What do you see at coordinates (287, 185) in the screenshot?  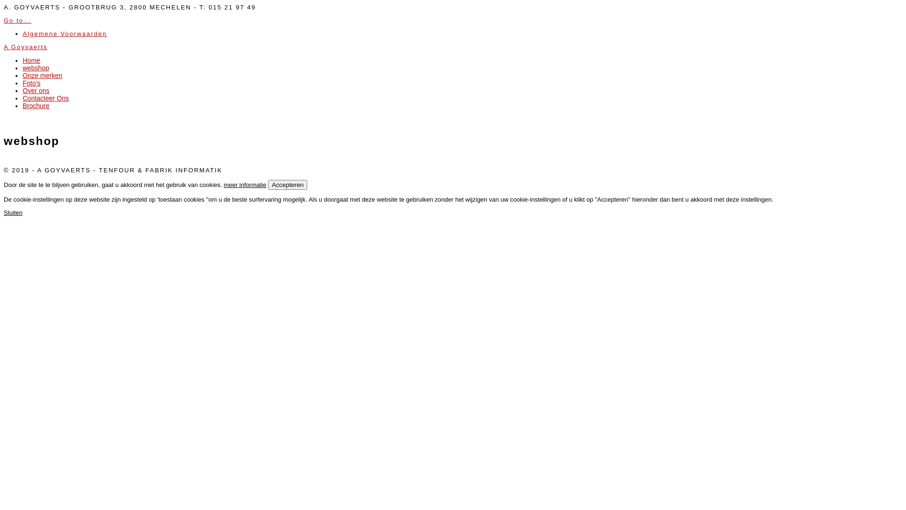 I see `'Accepteren'` at bounding box center [287, 185].